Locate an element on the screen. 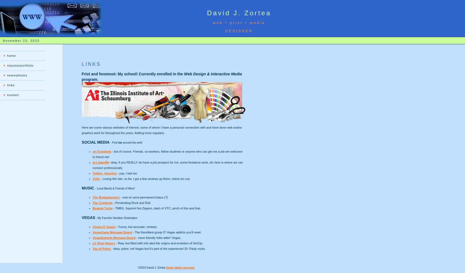 The height and width of the screenshot is (273, 465). 'on Facebook' is located at coordinates (92, 152).